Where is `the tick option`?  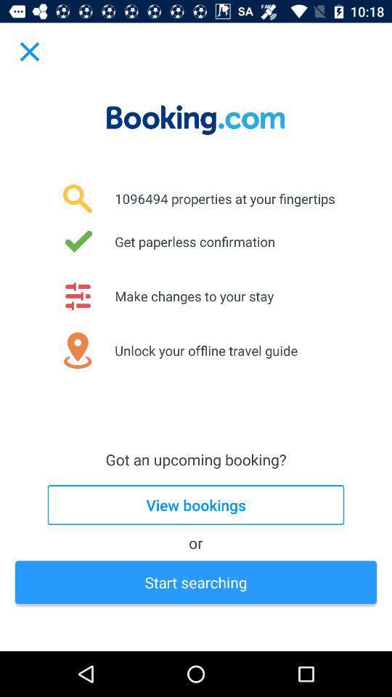
the tick option is located at coordinates (78, 242).